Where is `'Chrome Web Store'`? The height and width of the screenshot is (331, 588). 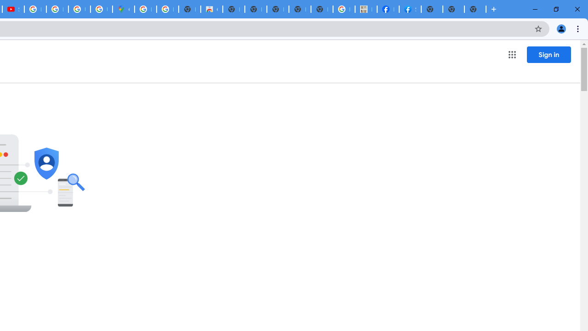 'Chrome Web Store' is located at coordinates (211, 9).